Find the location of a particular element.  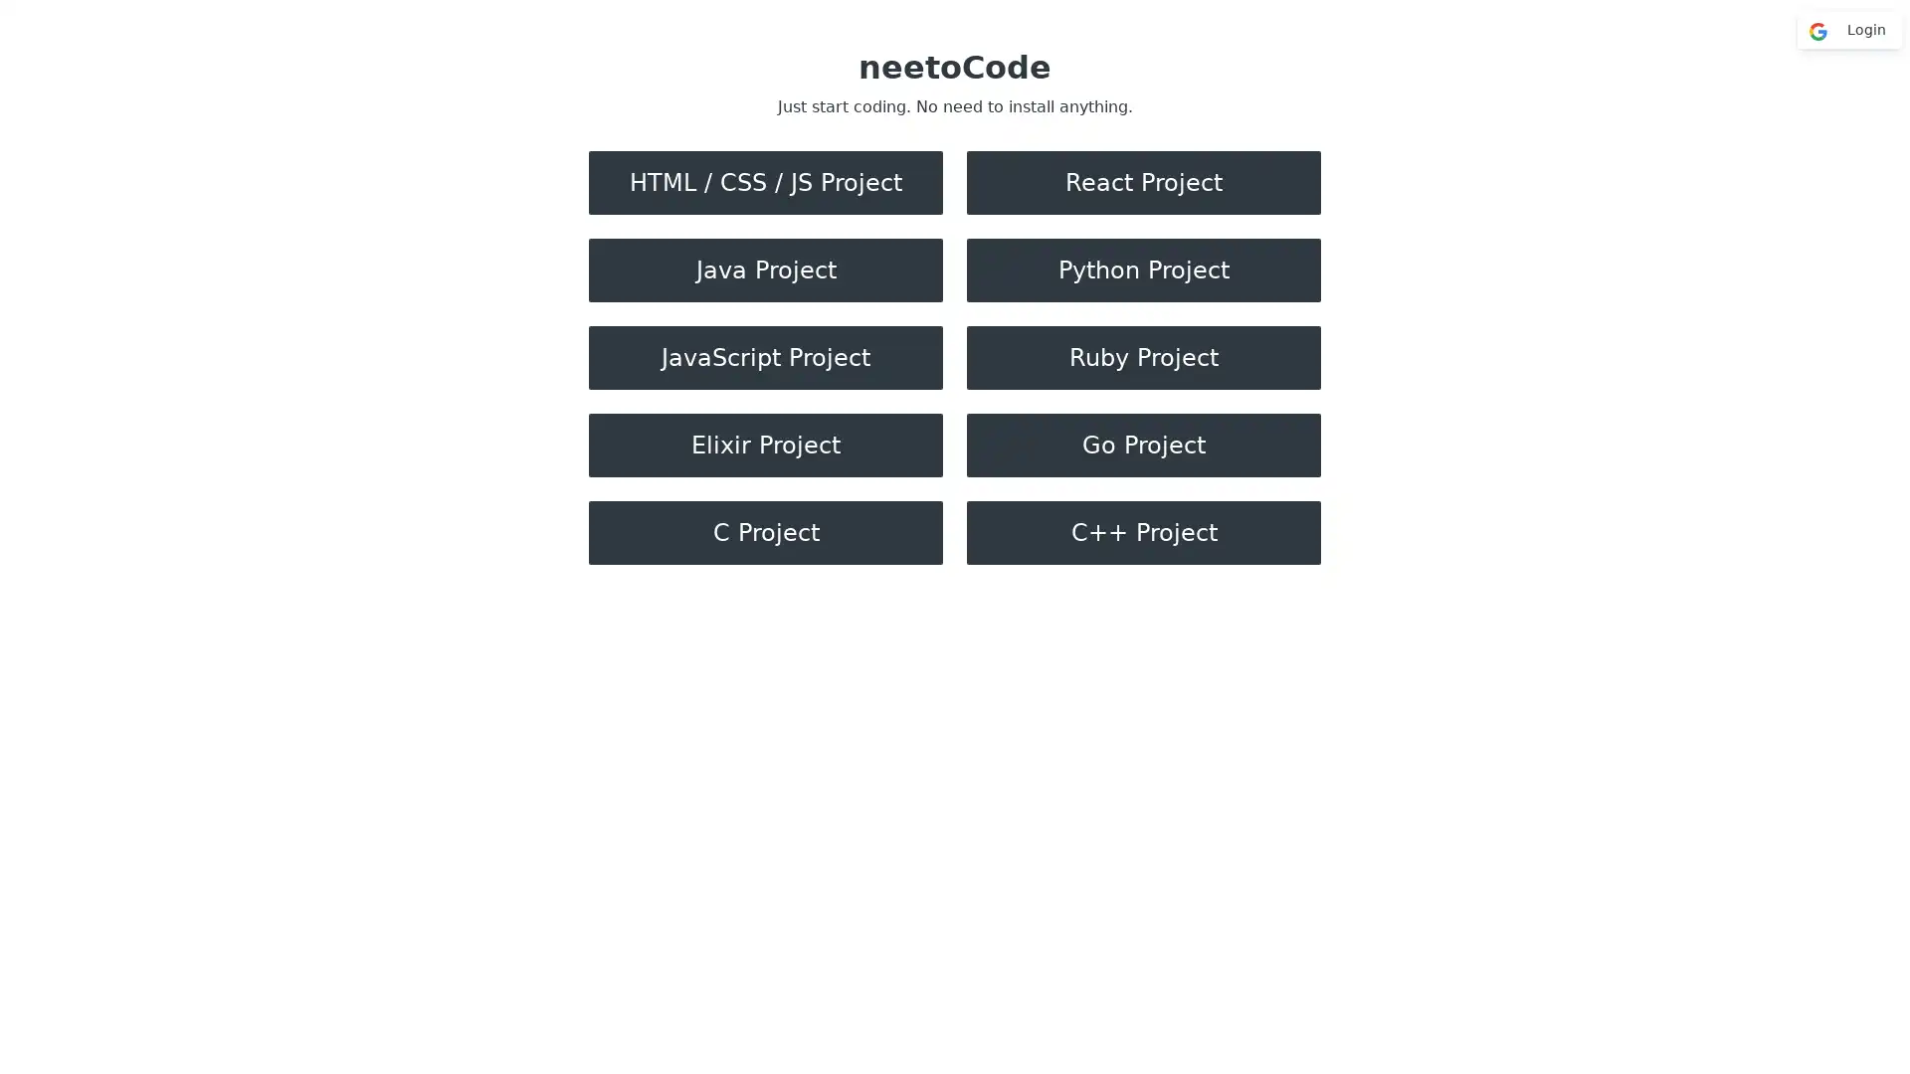

Ruby Project is located at coordinates (1144, 356).